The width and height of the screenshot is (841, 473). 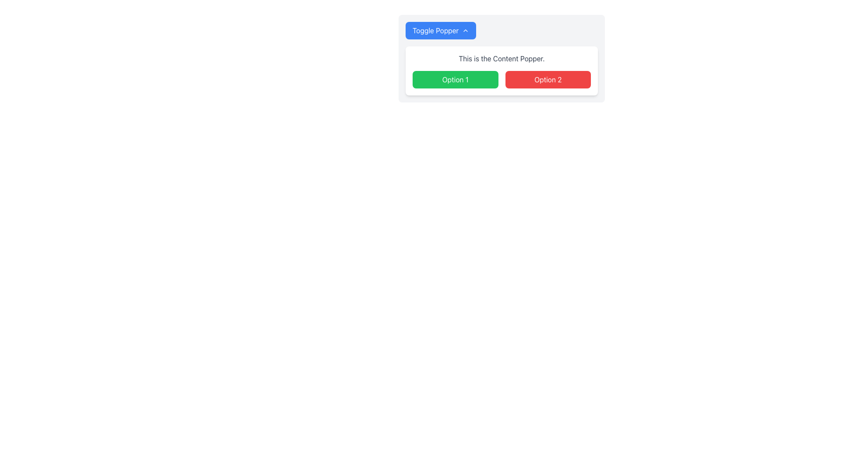 What do you see at coordinates (465, 30) in the screenshot?
I see `the chevron icon located on the right edge of the 'Toggle Popper' button` at bounding box center [465, 30].